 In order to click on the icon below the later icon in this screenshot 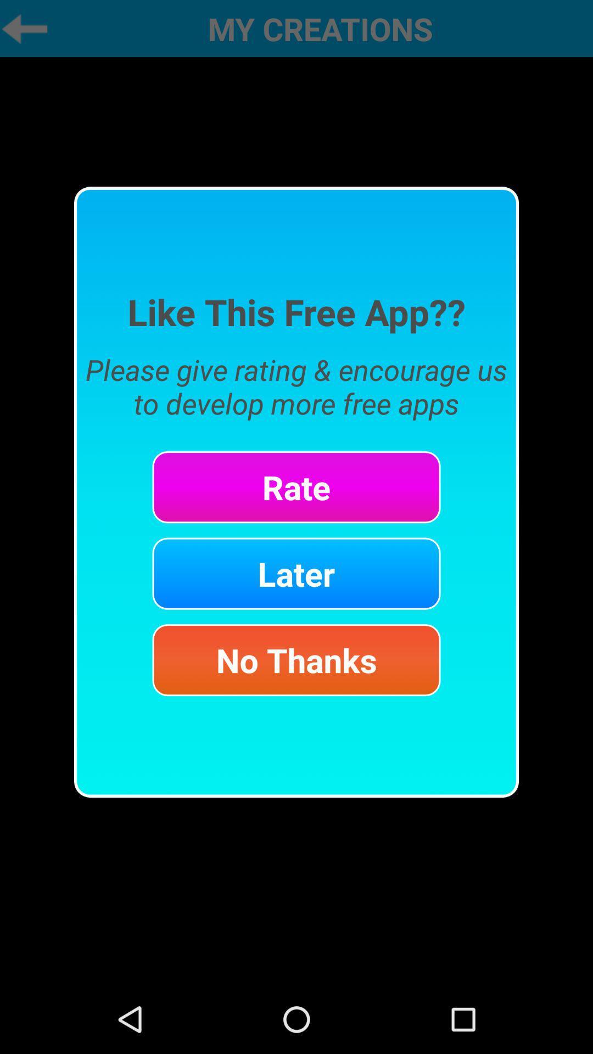, I will do `click(296, 659)`.